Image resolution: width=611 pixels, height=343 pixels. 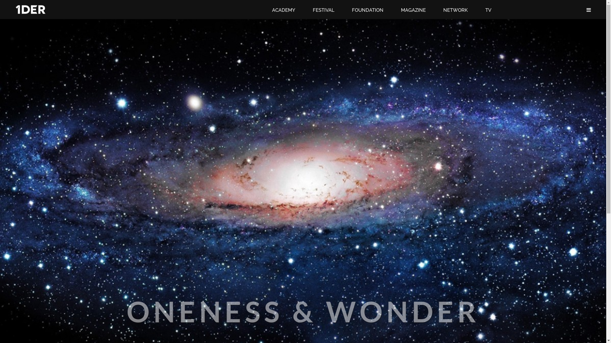 What do you see at coordinates (313, 10) in the screenshot?
I see `'FESTIVAL'` at bounding box center [313, 10].